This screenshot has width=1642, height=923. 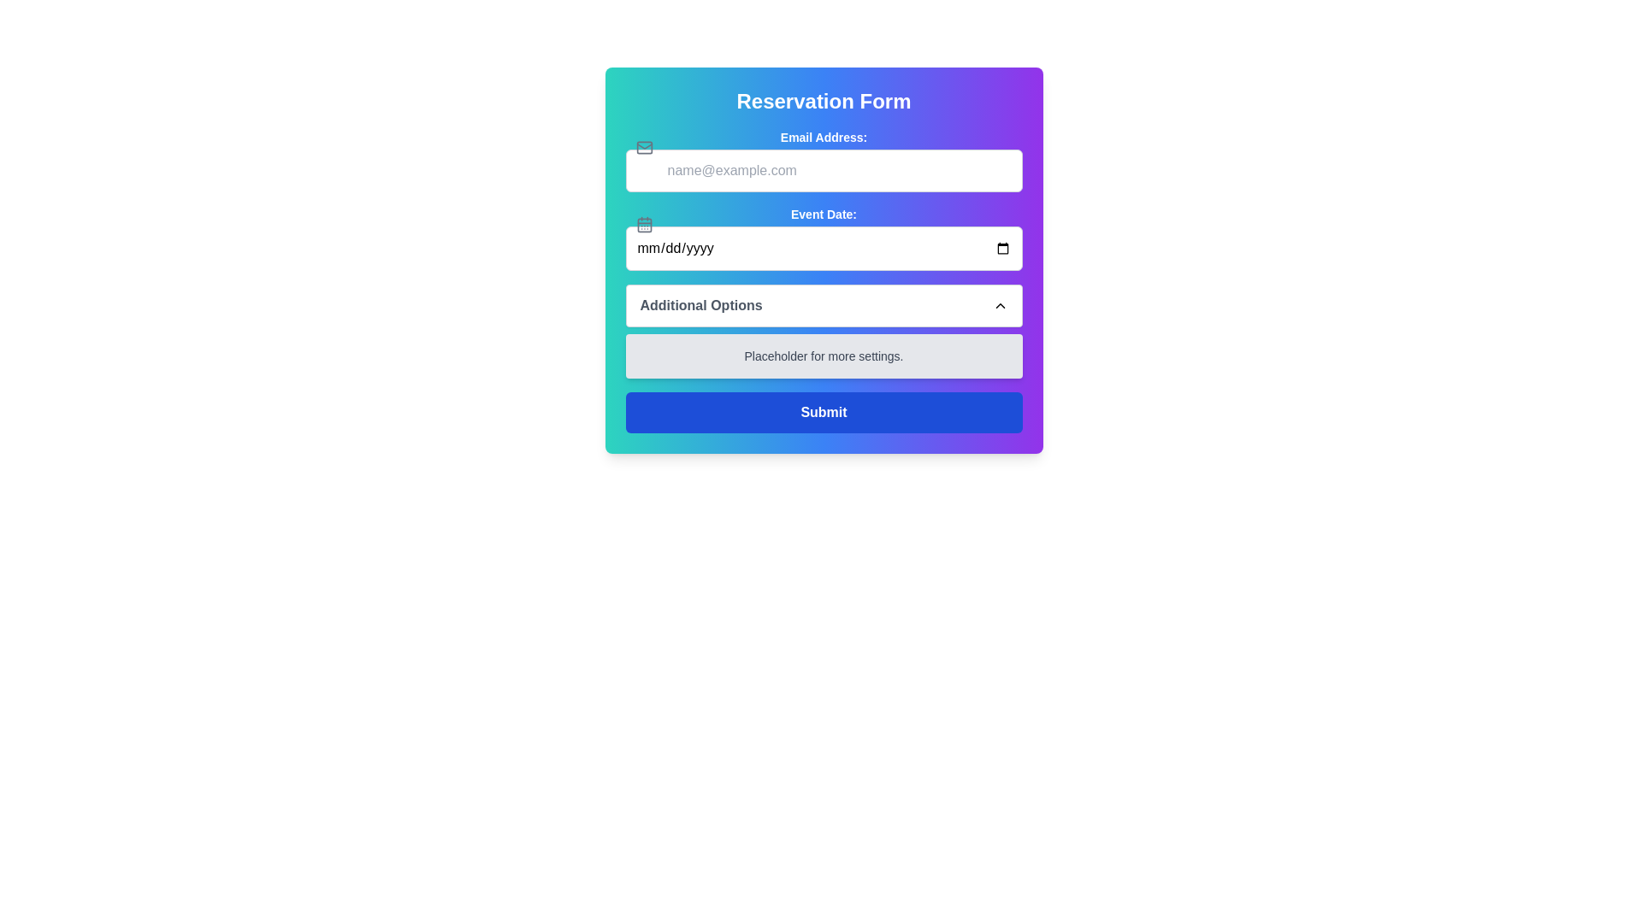 What do you see at coordinates (643, 147) in the screenshot?
I see `the email address input icon located at the top-left corner of the associated email input field, which indicates that the field is for entering an email address` at bounding box center [643, 147].